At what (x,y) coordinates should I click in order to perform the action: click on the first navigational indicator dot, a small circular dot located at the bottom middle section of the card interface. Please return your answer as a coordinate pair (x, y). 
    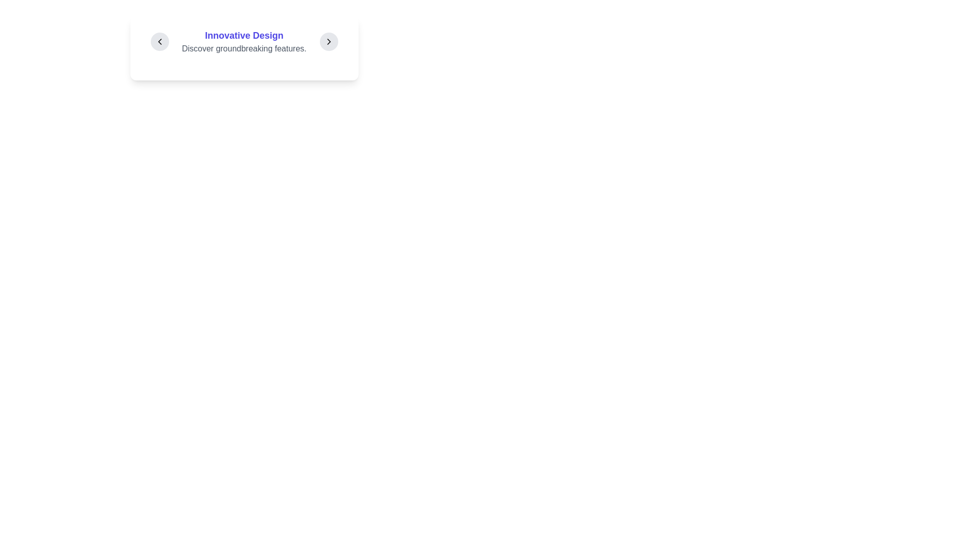
    Looking at the image, I should click on (234, 65).